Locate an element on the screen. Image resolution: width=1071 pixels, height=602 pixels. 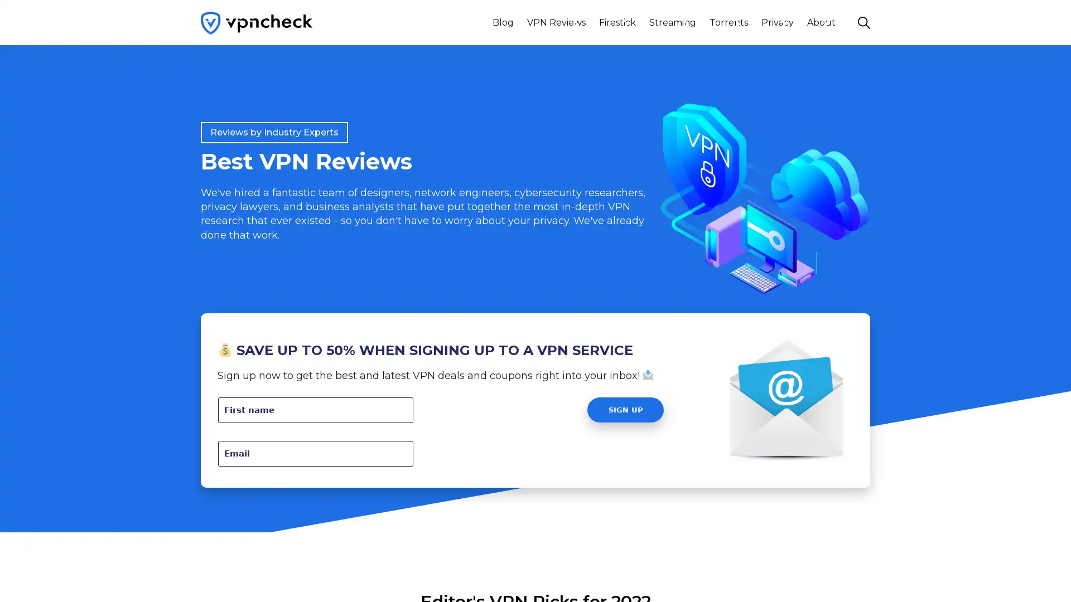
Sign up is located at coordinates (625, 410).